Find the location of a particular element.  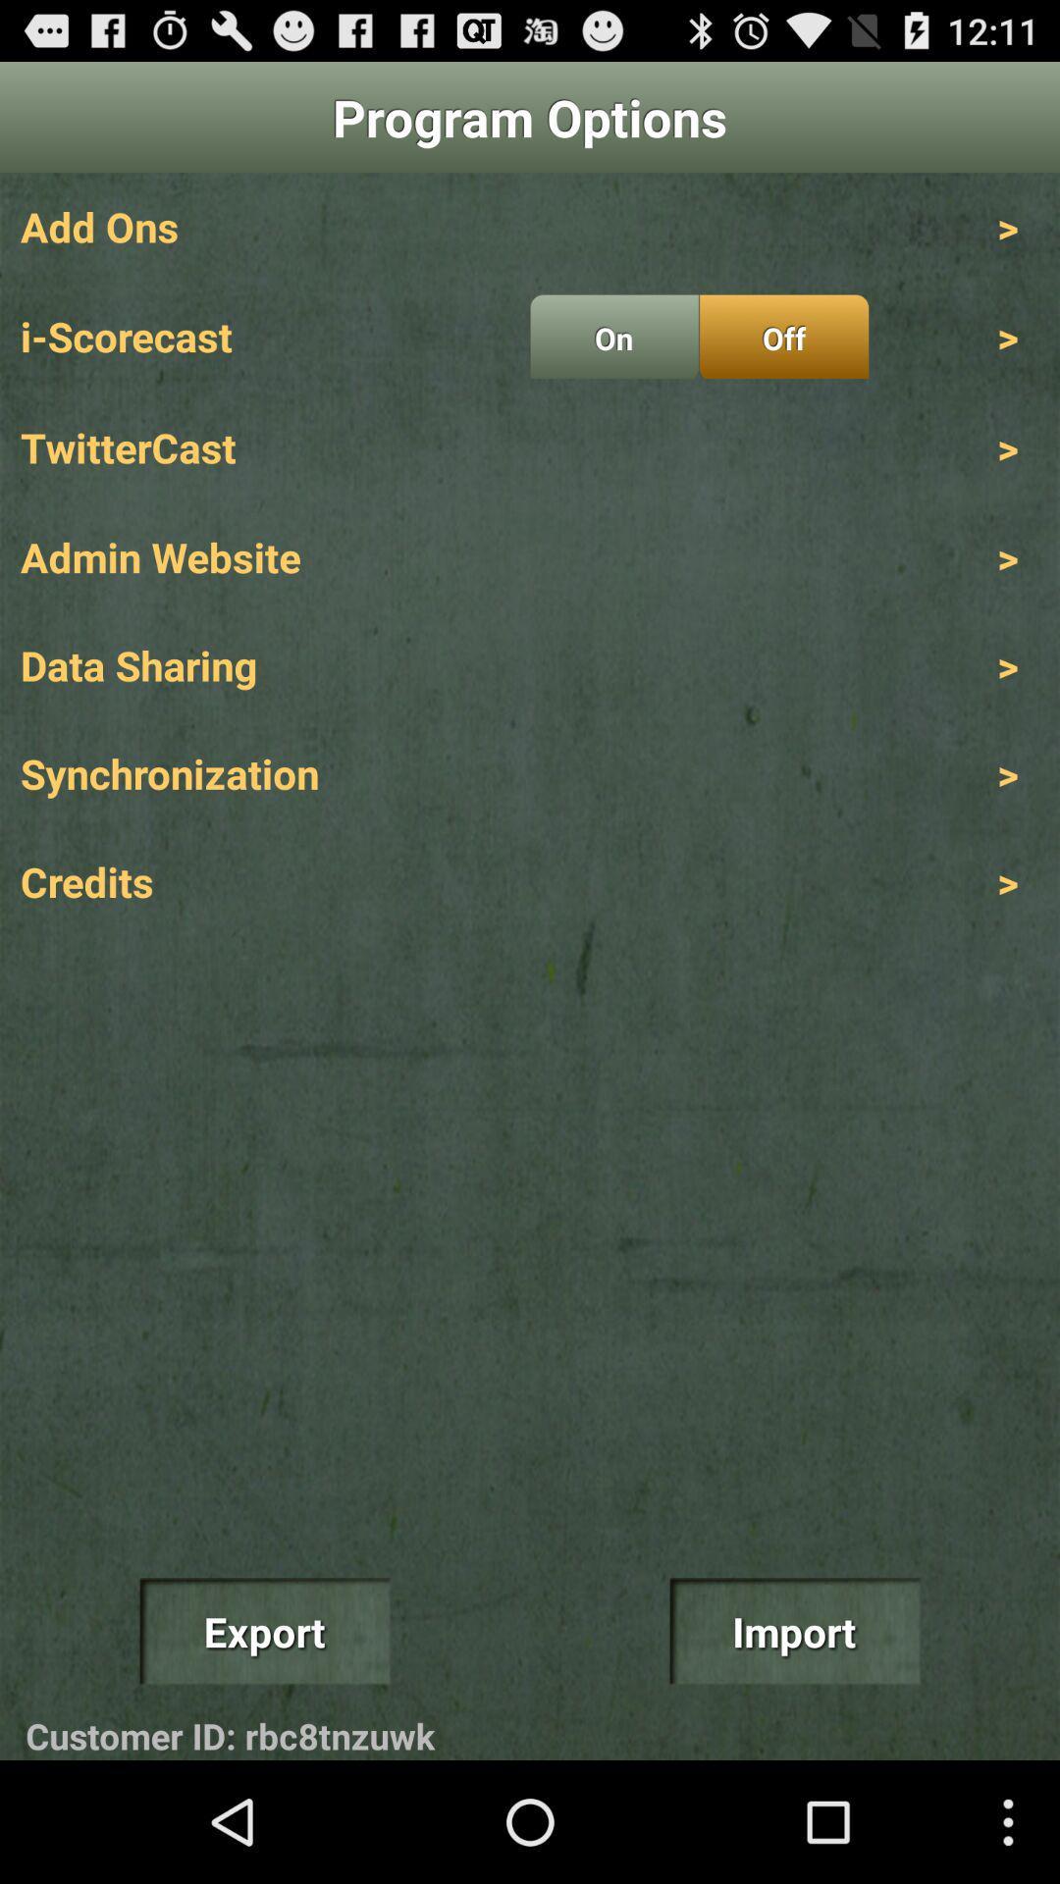

on item is located at coordinates (613, 337).